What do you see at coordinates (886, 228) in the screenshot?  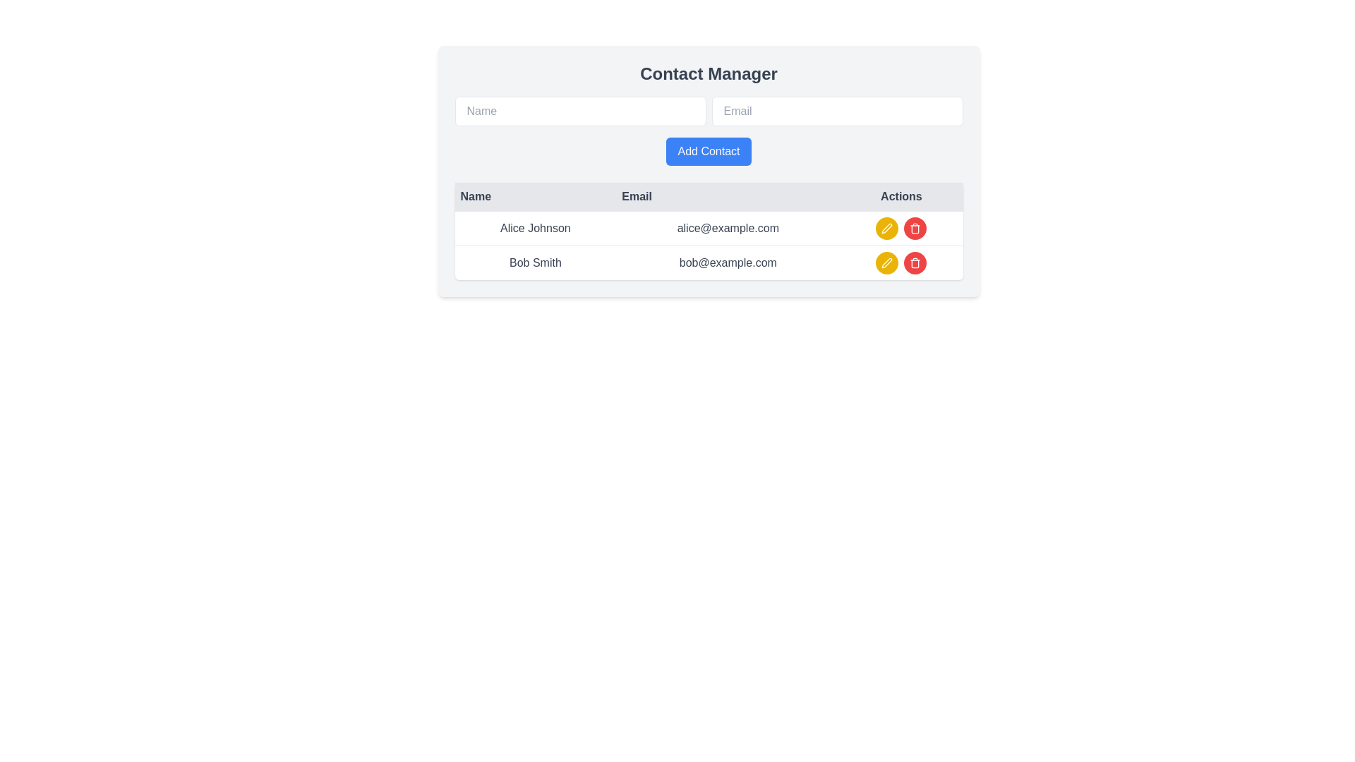 I see `the edit button for the first contact 'Alice Johnson' in the 'Actions' column` at bounding box center [886, 228].